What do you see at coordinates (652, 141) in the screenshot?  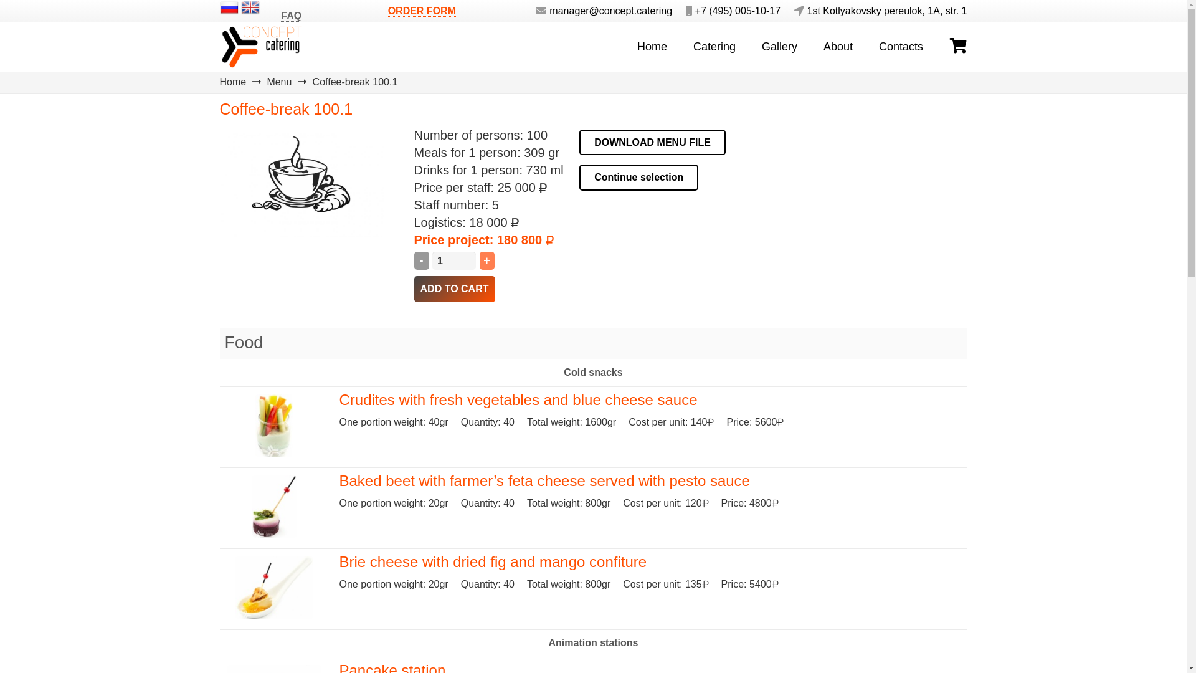 I see `'DOWNLOAD MENU FILE'` at bounding box center [652, 141].